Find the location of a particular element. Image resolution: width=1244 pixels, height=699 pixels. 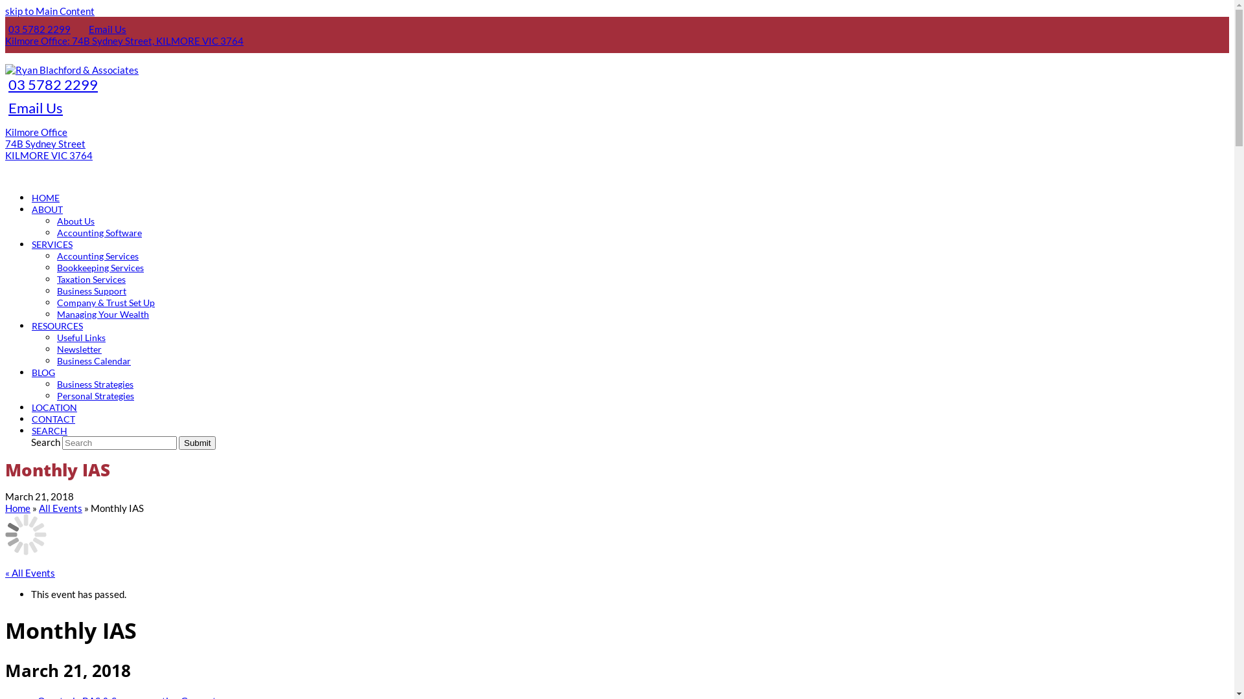

'Business Calendar' is located at coordinates (93, 360).